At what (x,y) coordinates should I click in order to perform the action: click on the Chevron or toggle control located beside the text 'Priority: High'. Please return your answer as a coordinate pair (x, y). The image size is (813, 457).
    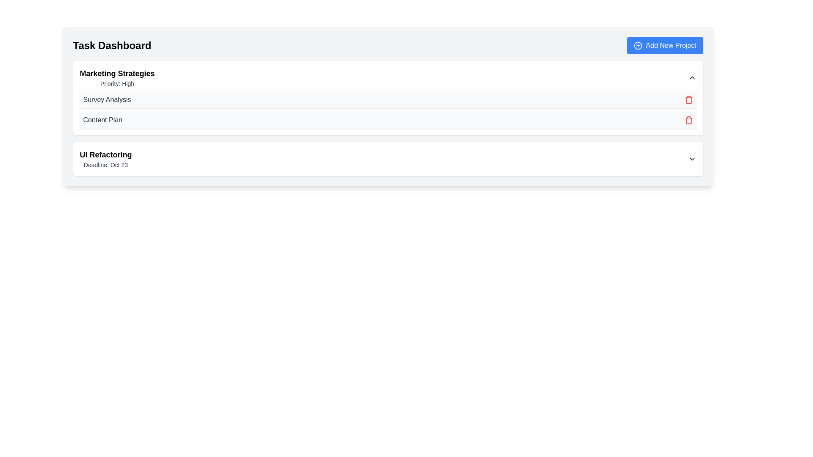
    Looking at the image, I should click on (692, 78).